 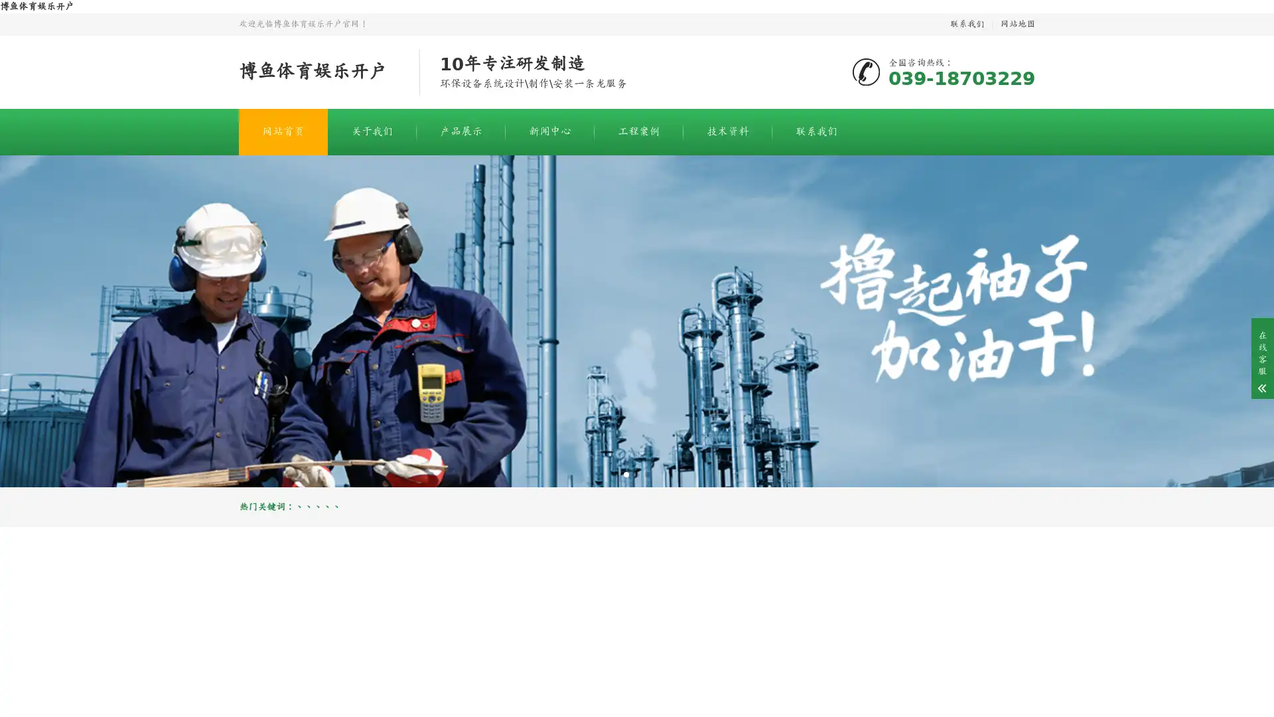 I want to click on Go to slide 1, so click(x=626, y=473).